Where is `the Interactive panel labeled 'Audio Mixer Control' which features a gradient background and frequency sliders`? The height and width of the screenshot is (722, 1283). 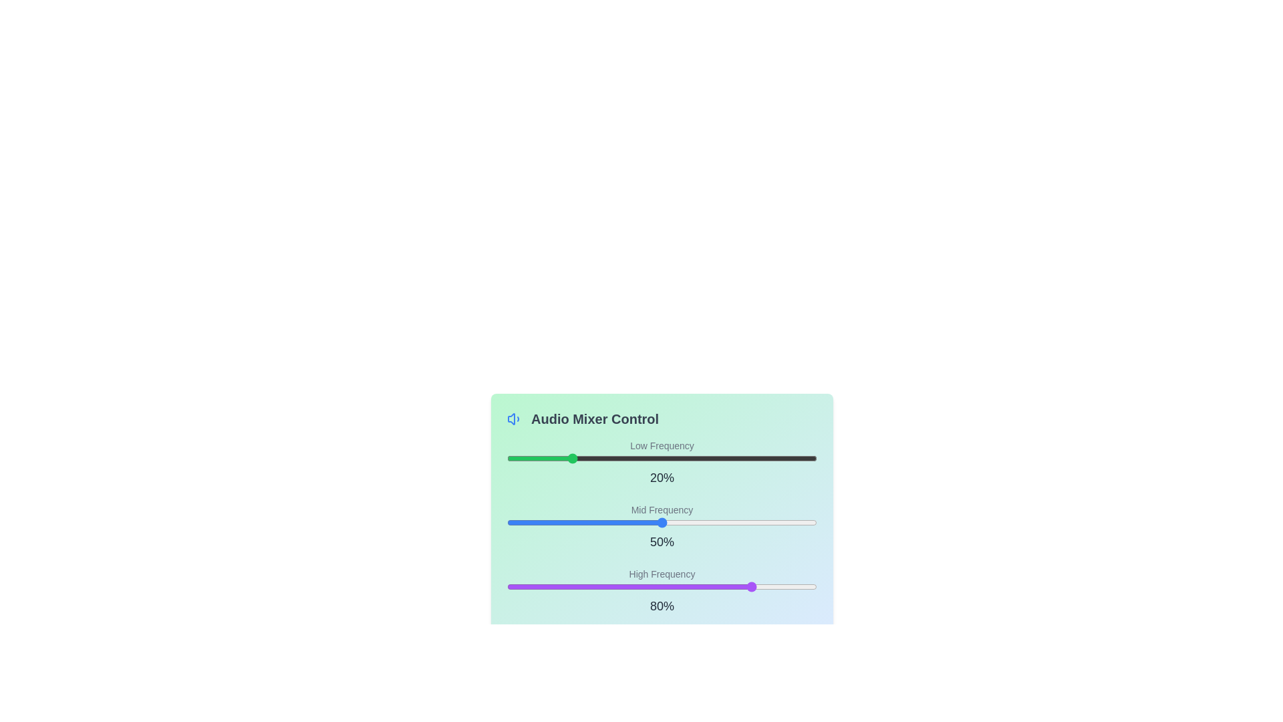 the Interactive panel labeled 'Audio Mixer Control' which features a gradient background and frequency sliders is located at coordinates (662, 512).